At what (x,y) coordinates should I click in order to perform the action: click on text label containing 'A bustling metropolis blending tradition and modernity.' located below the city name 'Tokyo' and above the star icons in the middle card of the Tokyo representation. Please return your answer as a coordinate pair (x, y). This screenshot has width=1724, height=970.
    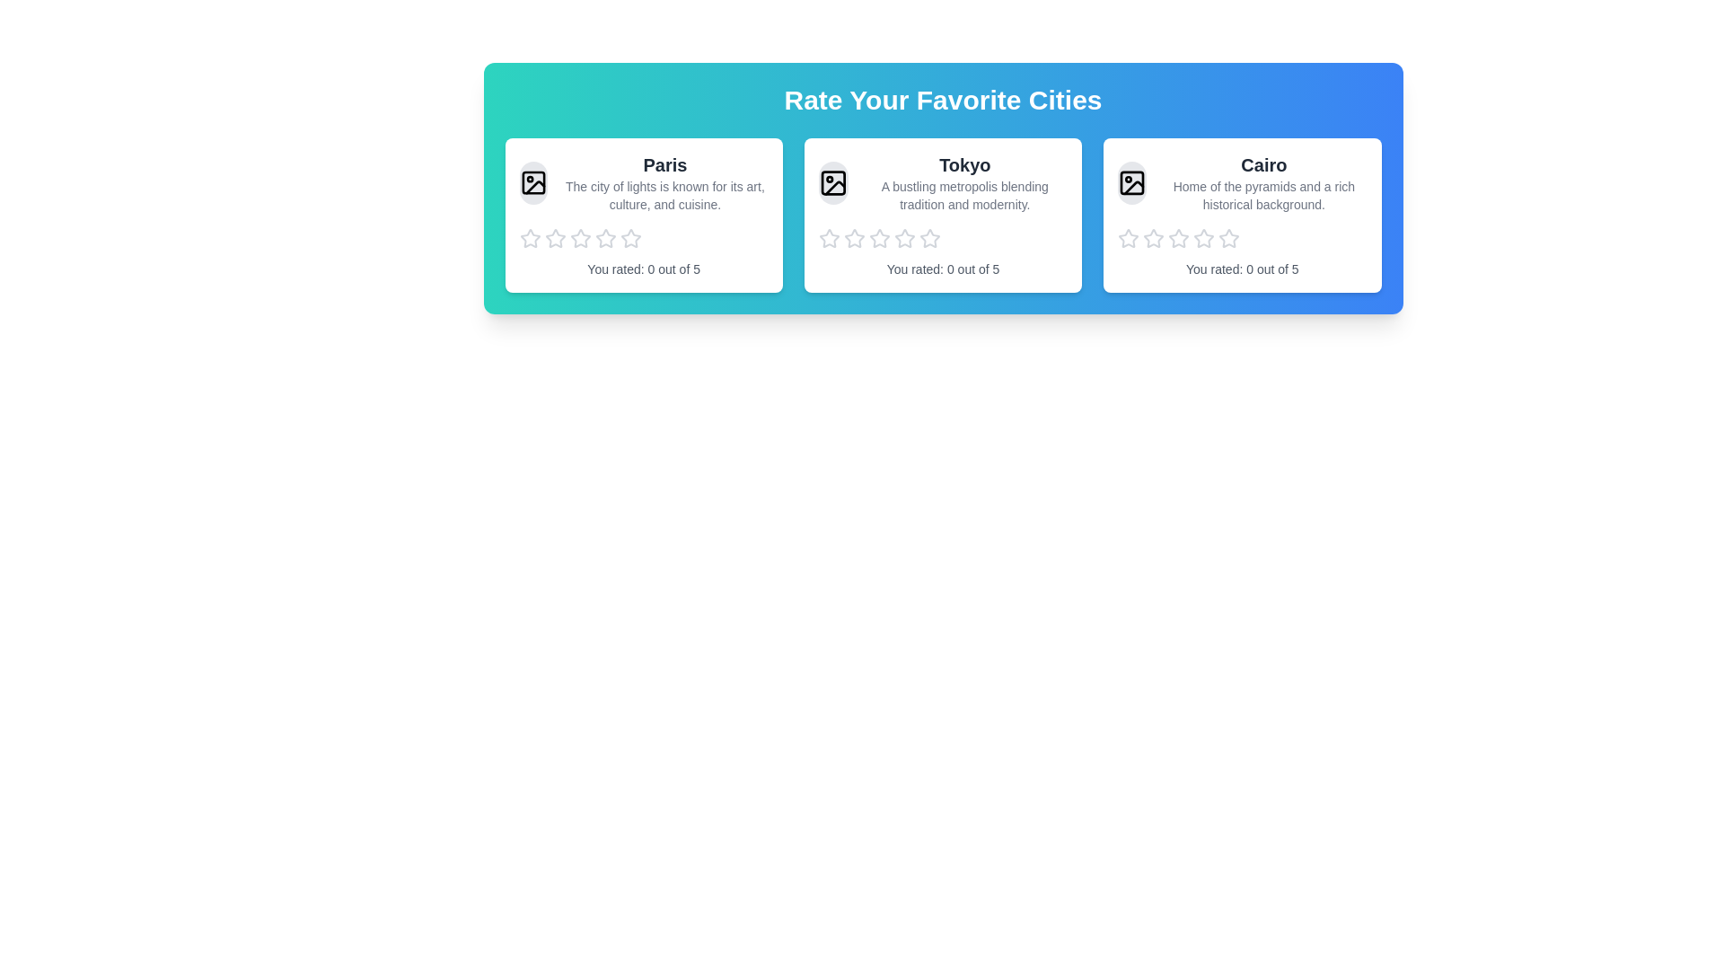
    Looking at the image, I should click on (963, 196).